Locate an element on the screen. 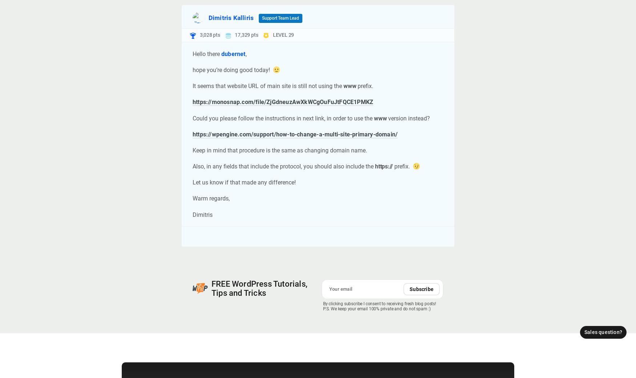 The image size is (636, 378). 'LEVEL' is located at coordinates (280, 35).